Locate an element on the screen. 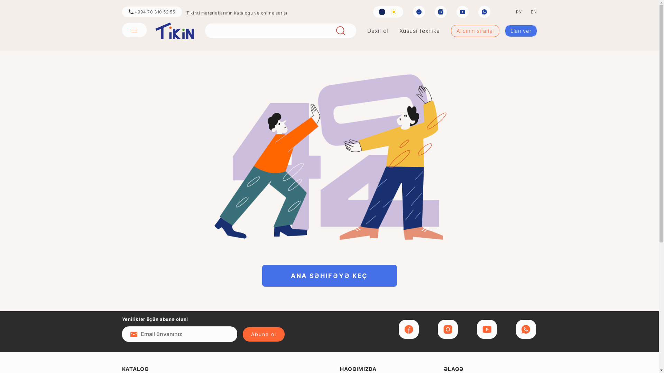 The image size is (664, 373). 'Daxil ol' is located at coordinates (377, 30).